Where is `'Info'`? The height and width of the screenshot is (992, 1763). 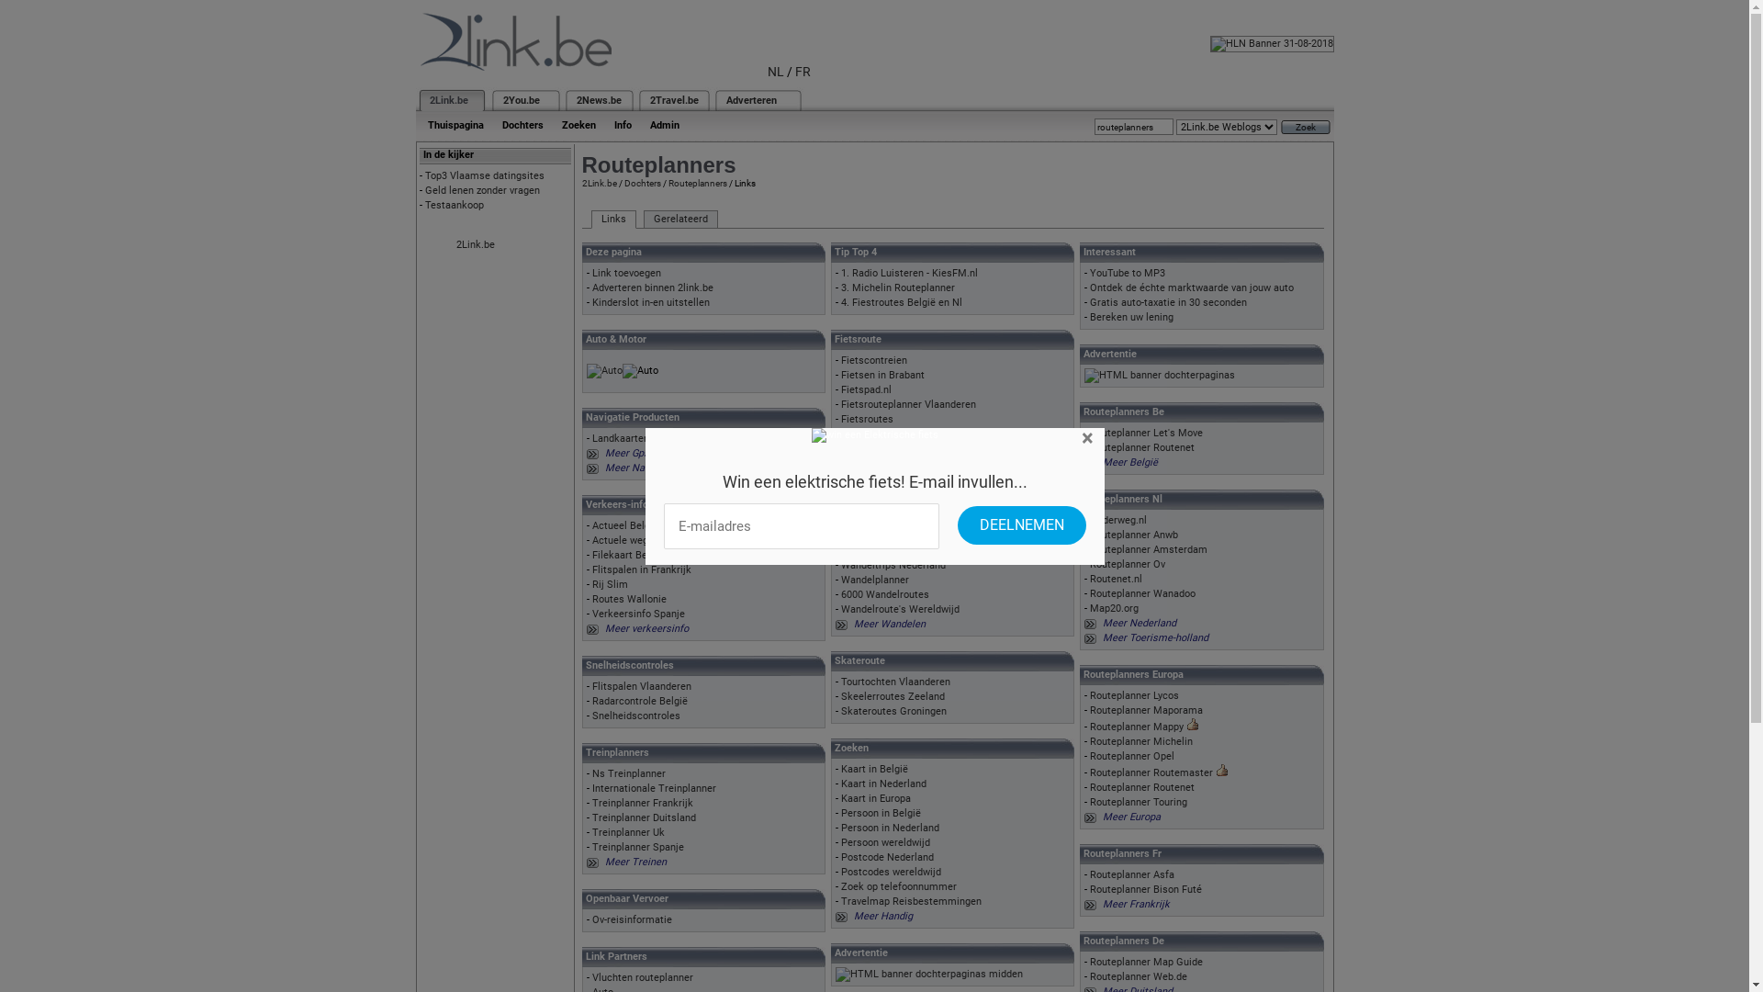 'Info' is located at coordinates (622, 124).